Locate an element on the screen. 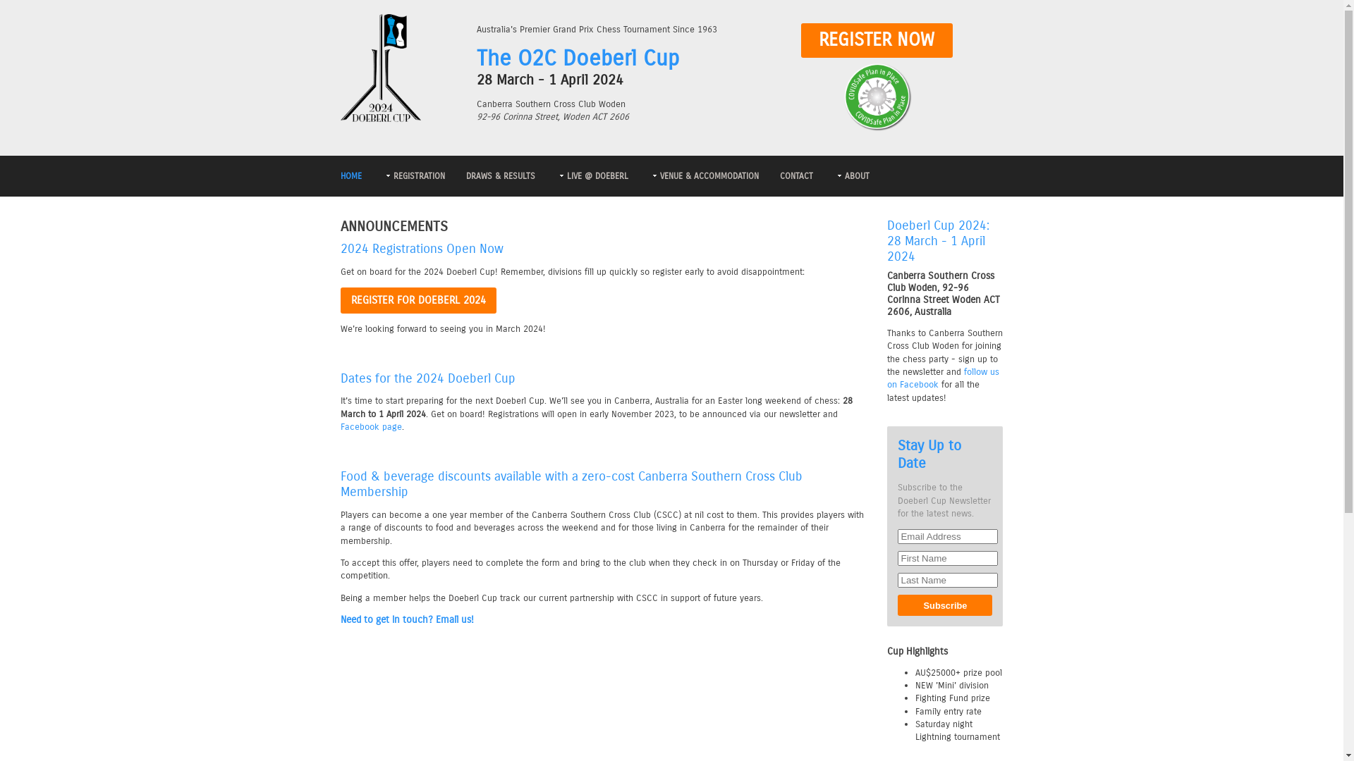 The width and height of the screenshot is (1354, 761). 'follow us on Facebook' is located at coordinates (943, 377).